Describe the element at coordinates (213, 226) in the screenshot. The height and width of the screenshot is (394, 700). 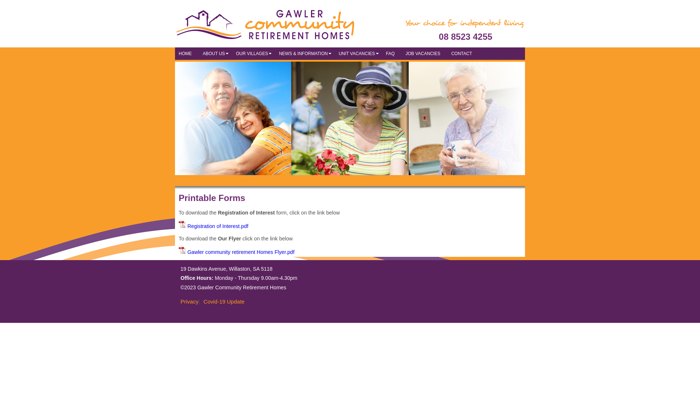
I see `'Registration of Interest.pdf'` at that location.